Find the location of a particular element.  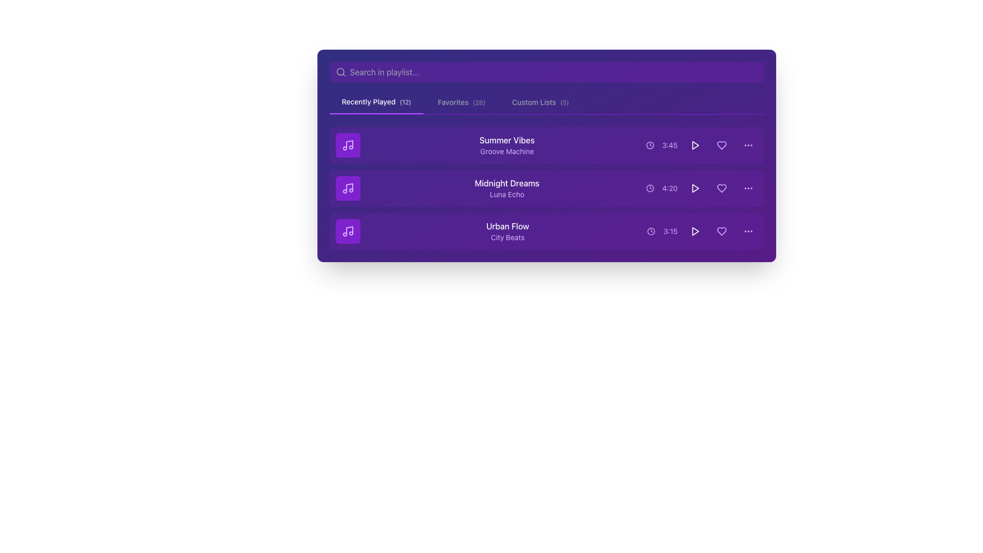

text label displaying 'Urban Flow' in white color on a vivid purple background, located in the bottom-most entry of the 'Recently Played' section is located at coordinates (507, 226).